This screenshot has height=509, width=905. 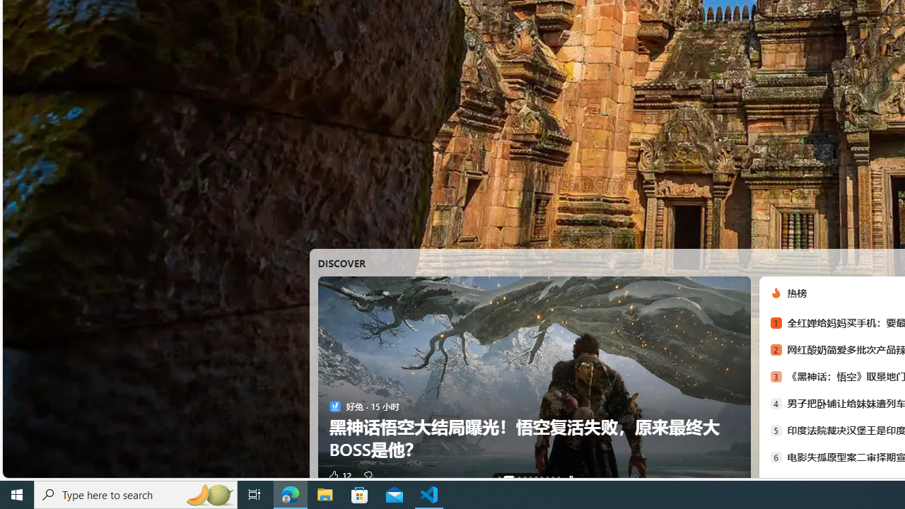 I want to click on 'AutomationID: tab-4', so click(x=530, y=477).